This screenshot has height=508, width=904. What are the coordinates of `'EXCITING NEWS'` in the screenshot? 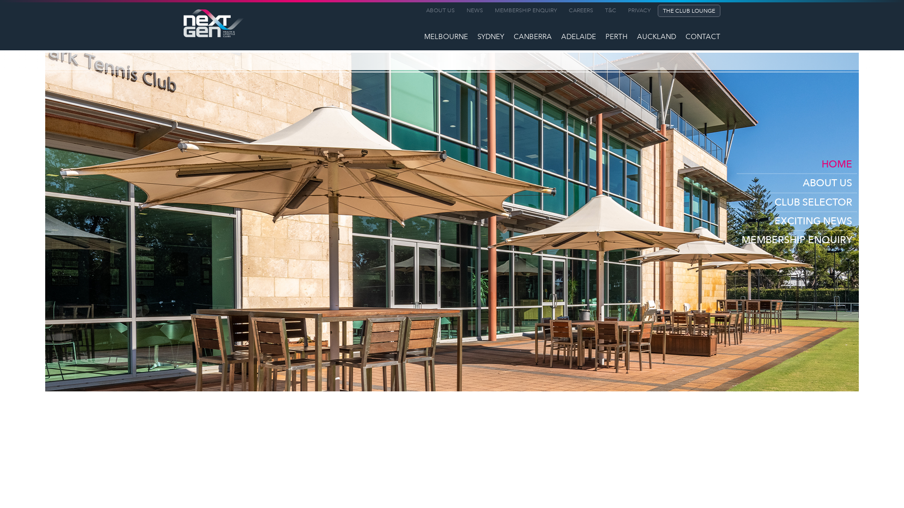 It's located at (796, 221).